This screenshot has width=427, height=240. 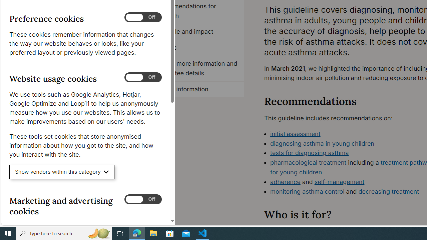 What do you see at coordinates (295, 134) in the screenshot?
I see `'initial assessment'` at bounding box center [295, 134].